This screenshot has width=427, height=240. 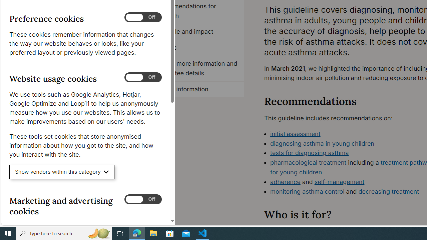 What do you see at coordinates (295, 134) in the screenshot?
I see `'initial assessment'` at bounding box center [295, 134].